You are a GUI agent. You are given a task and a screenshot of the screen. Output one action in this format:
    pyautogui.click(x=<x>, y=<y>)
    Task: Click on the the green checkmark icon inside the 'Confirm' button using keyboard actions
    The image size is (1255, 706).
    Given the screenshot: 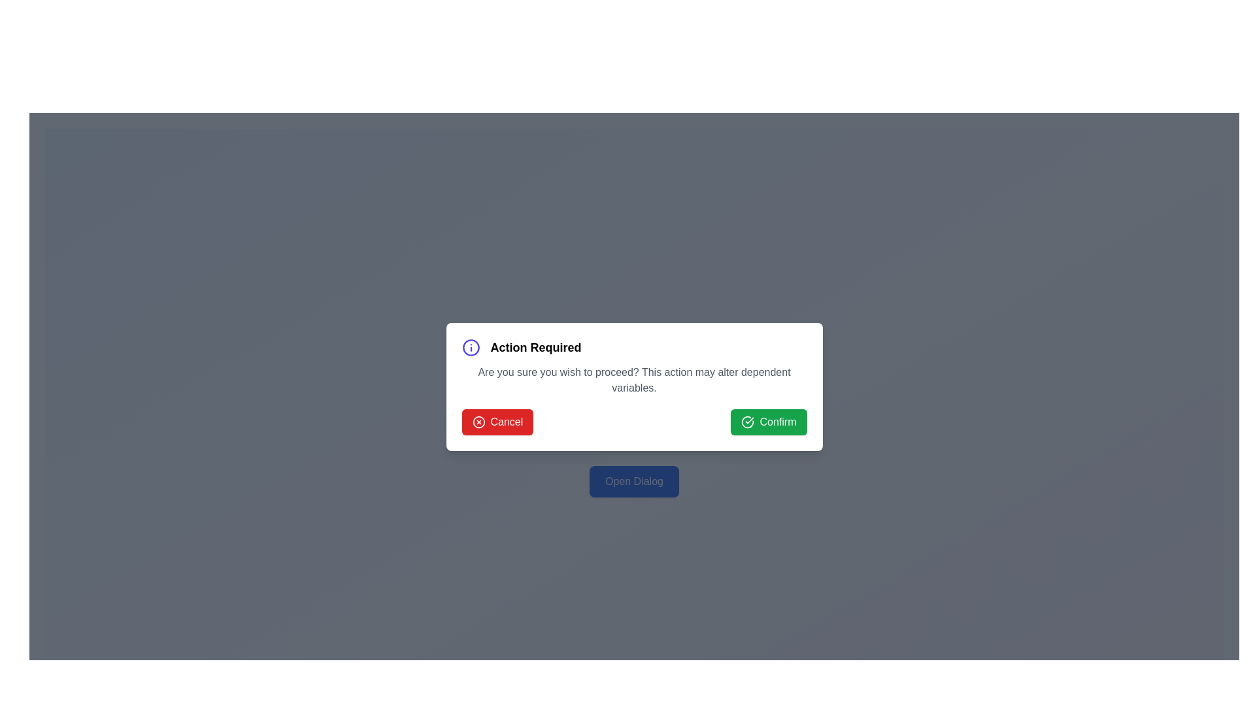 What is the action you would take?
    pyautogui.click(x=748, y=422)
    